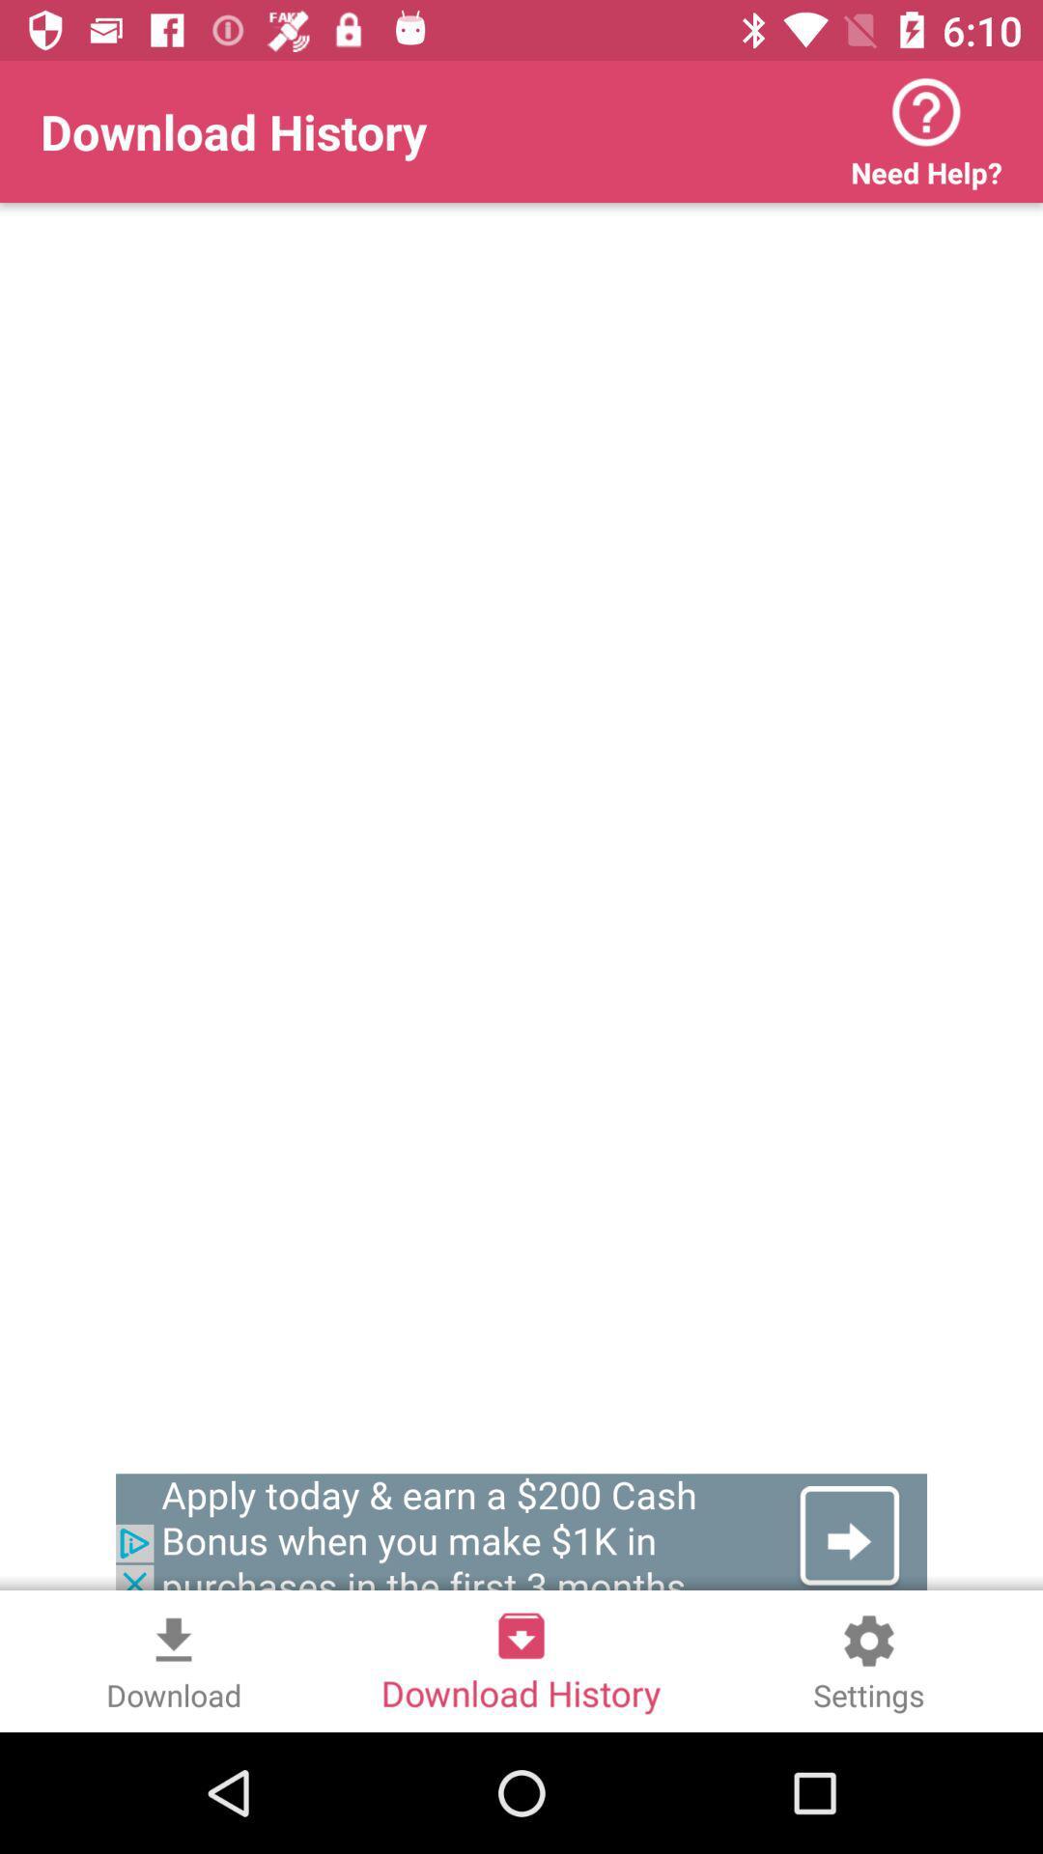 The height and width of the screenshot is (1854, 1043). Describe the element at coordinates (521, 1535) in the screenshot. I see `advertisement` at that location.